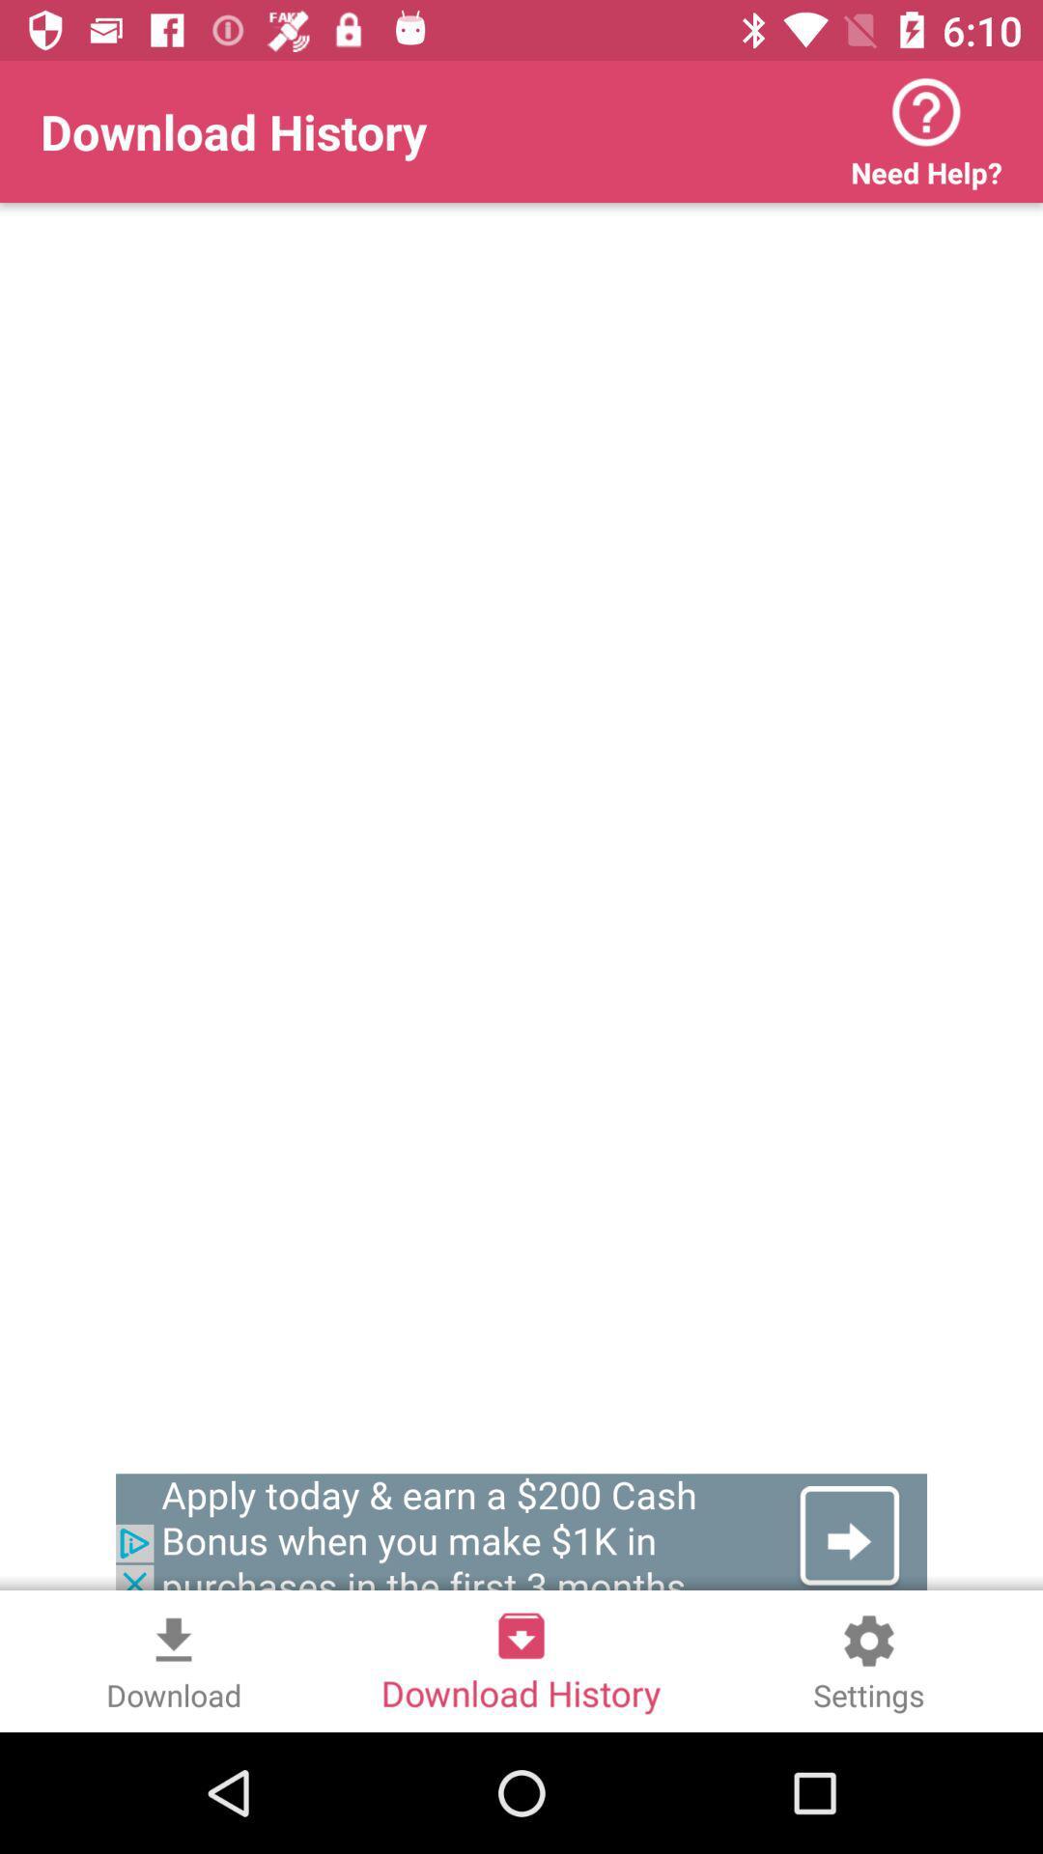 The height and width of the screenshot is (1854, 1043). Describe the element at coordinates (521, 1535) in the screenshot. I see `advertisement` at that location.